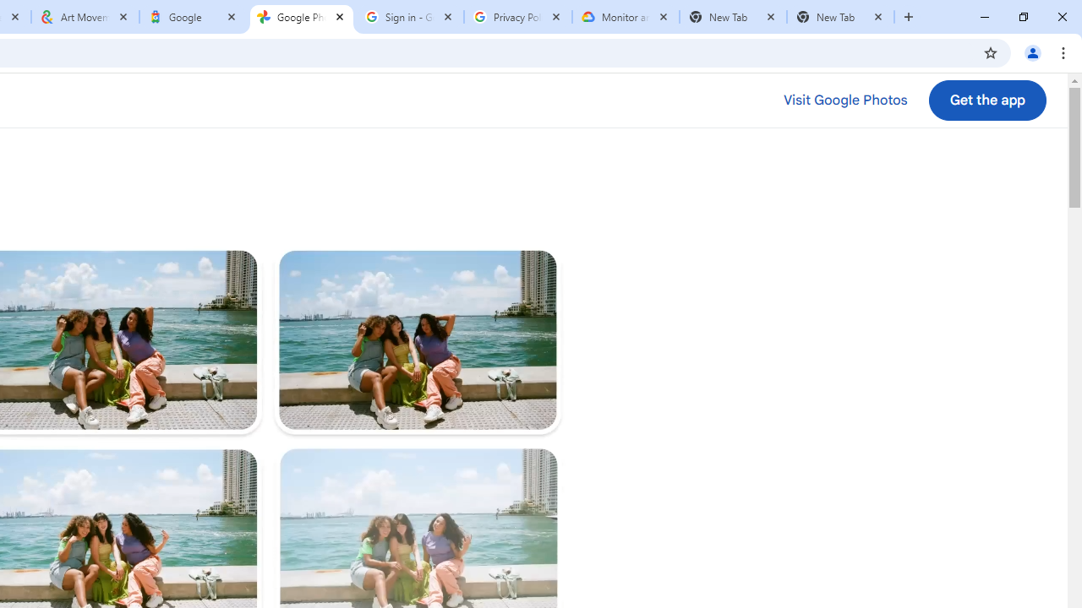 The width and height of the screenshot is (1082, 608). Describe the element at coordinates (410, 17) in the screenshot. I see `'Sign in - Google Accounts'` at that location.